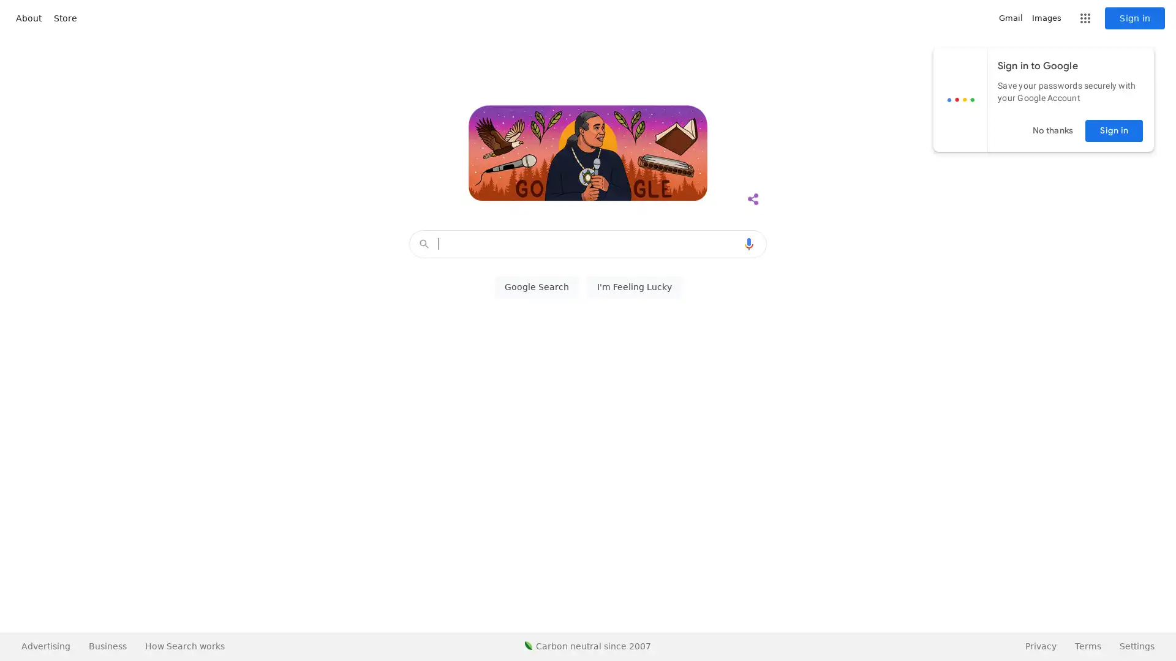 This screenshot has width=1176, height=661. I want to click on Search by voice, so click(748, 244).